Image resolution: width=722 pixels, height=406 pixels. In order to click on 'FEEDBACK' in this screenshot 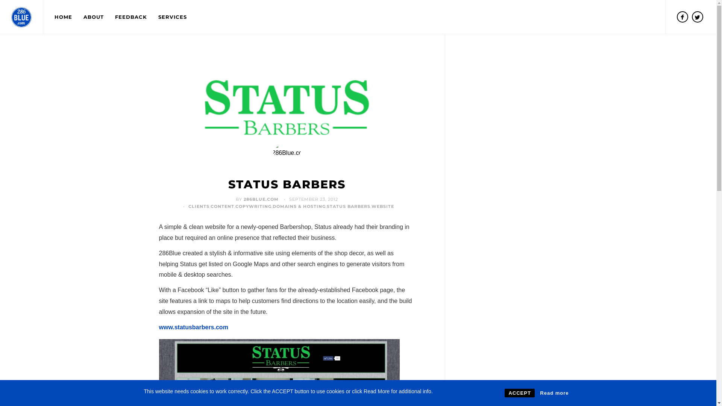, I will do `click(109, 17)`.